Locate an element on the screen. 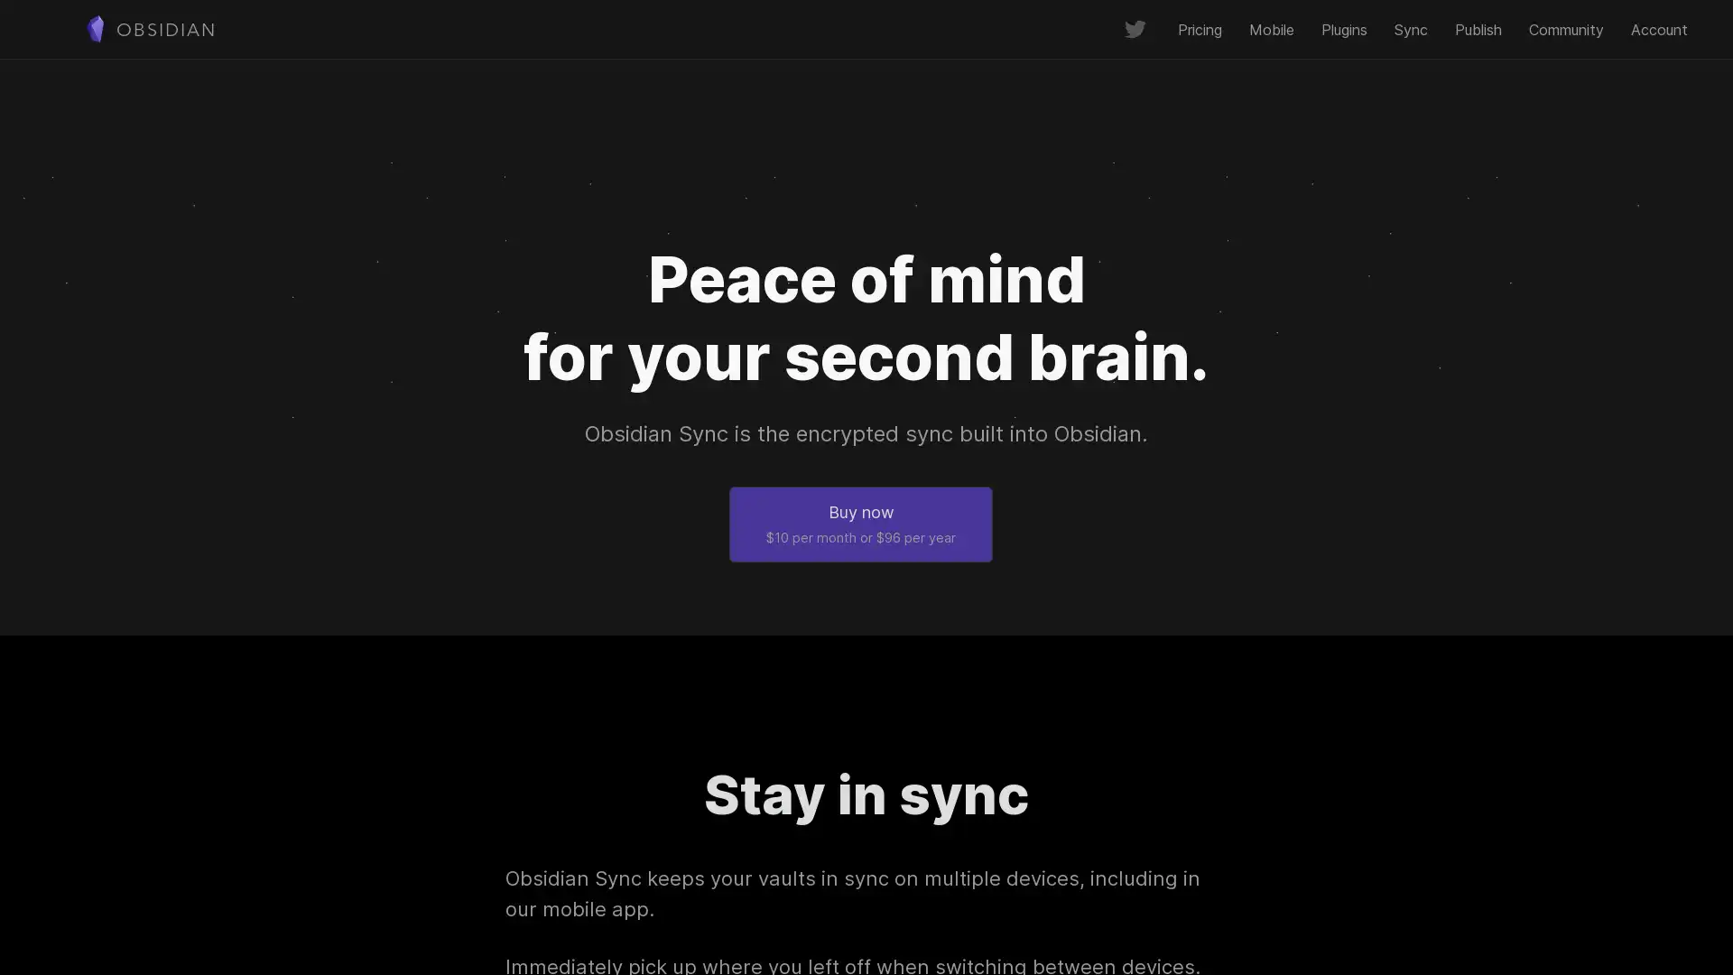 This screenshot has height=975, width=1733. Buy now $10 per month or $96 per year is located at coordinates (860, 523).